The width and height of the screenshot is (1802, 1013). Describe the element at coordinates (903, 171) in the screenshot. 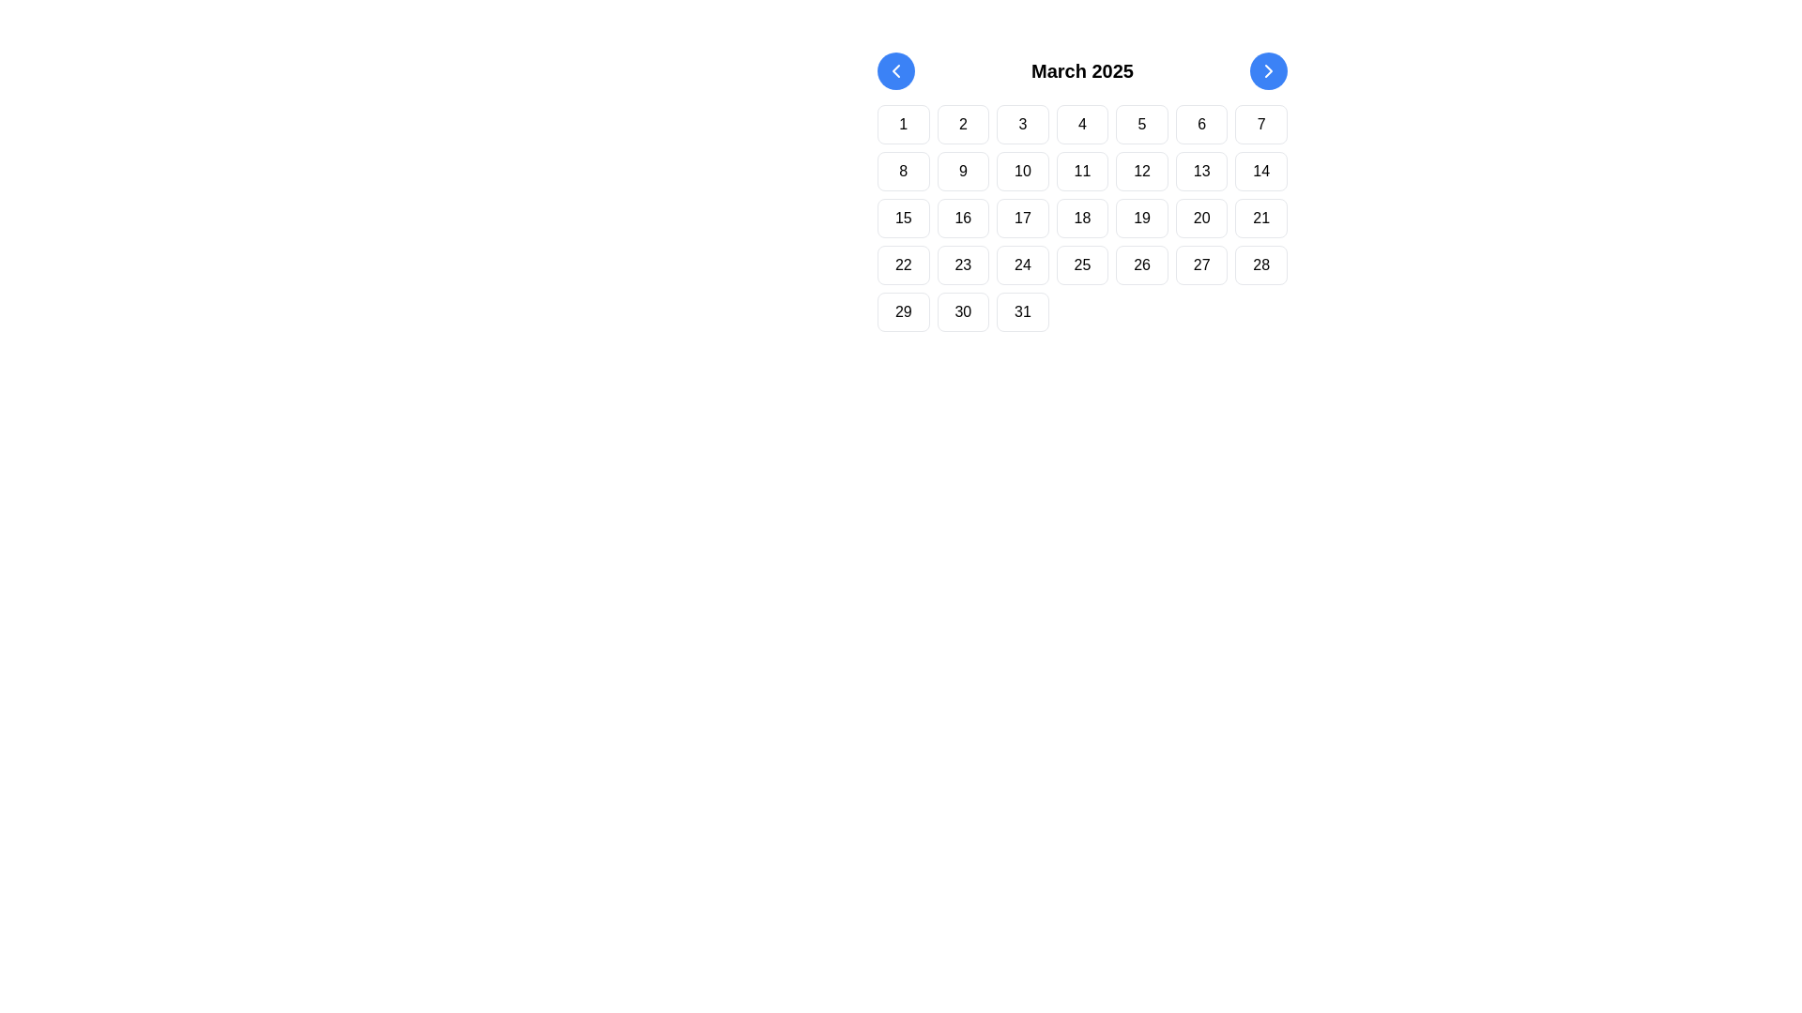

I see `the number '8' displayed in black text within a rounded box in the second row and first column of the grid layout` at that location.